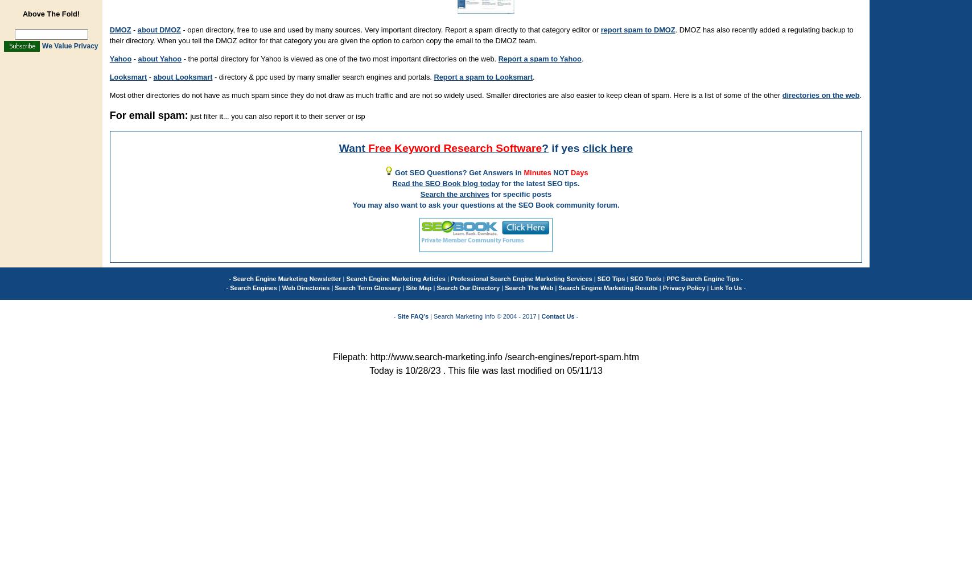 This screenshot has width=972, height=569. What do you see at coordinates (368, 147) in the screenshot?
I see `'Free Keyword Research Software'` at bounding box center [368, 147].